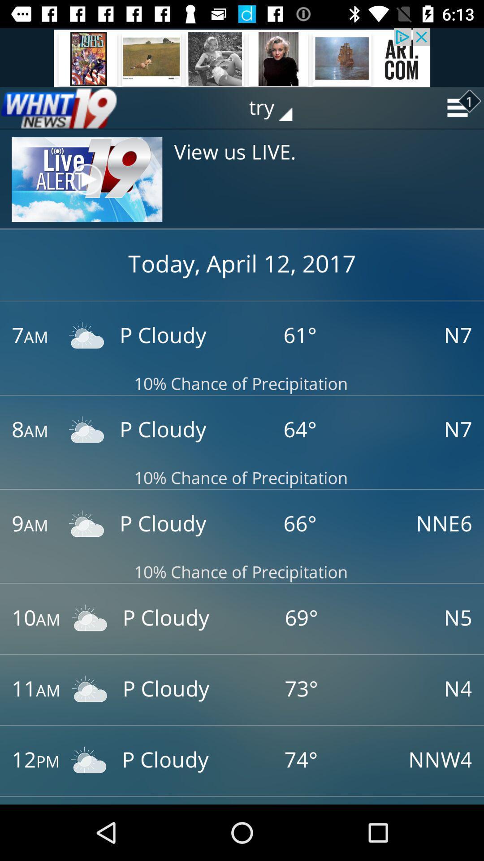  Describe the element at coordinates (59, 108) in the screenshot. I see `the delete icon` at that location.